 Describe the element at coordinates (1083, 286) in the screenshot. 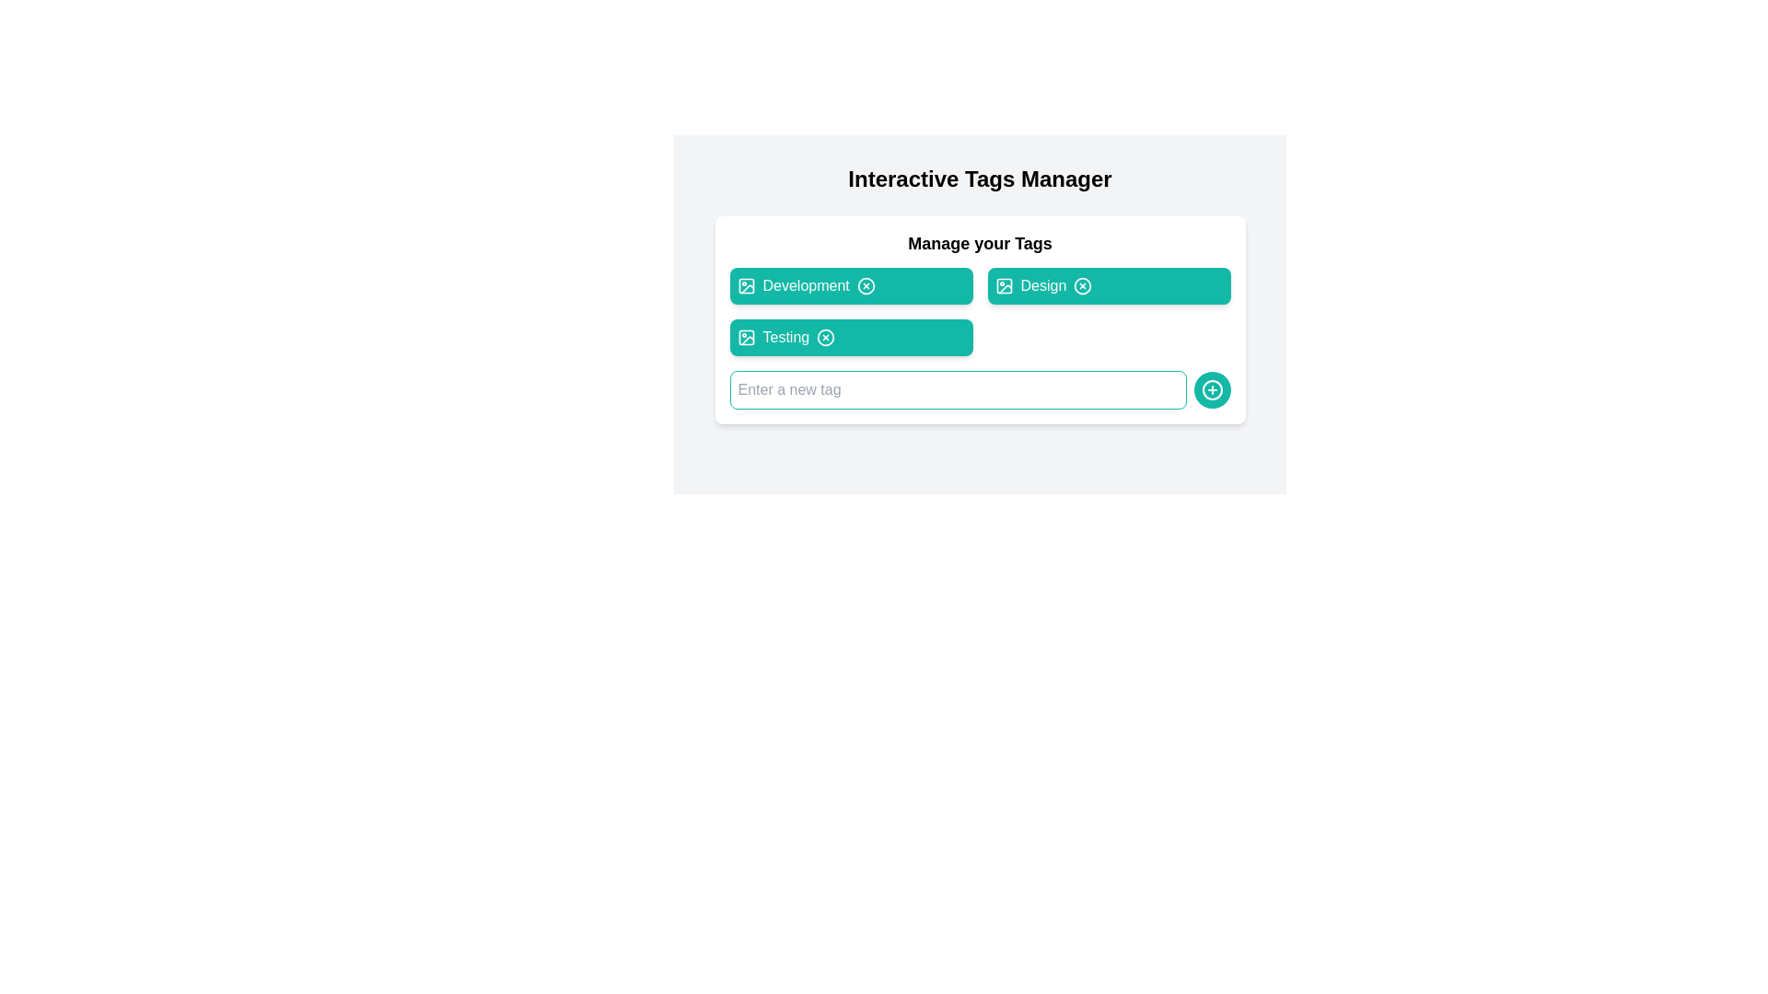

I see `the remove or delete icon button located on the right-hand side of the 'Design' button in the 'Manage your Tags' section` at that location.